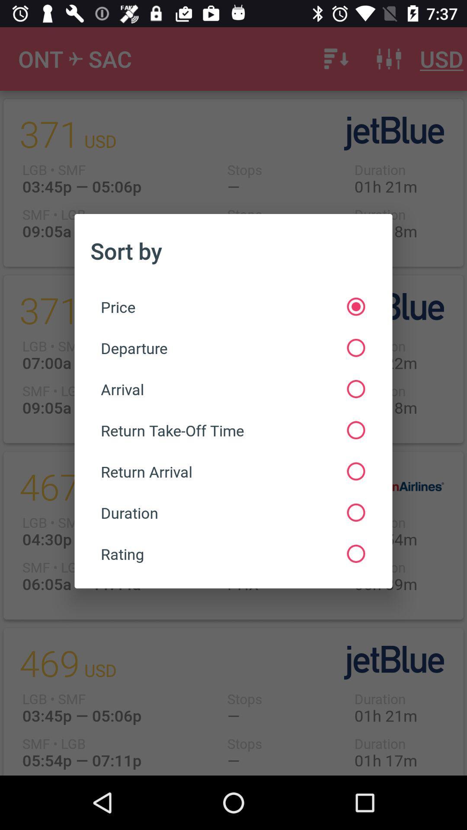 The width and height of the screenshot is (467, 830). I want to click on icon below duration icon, so click(232, 554).